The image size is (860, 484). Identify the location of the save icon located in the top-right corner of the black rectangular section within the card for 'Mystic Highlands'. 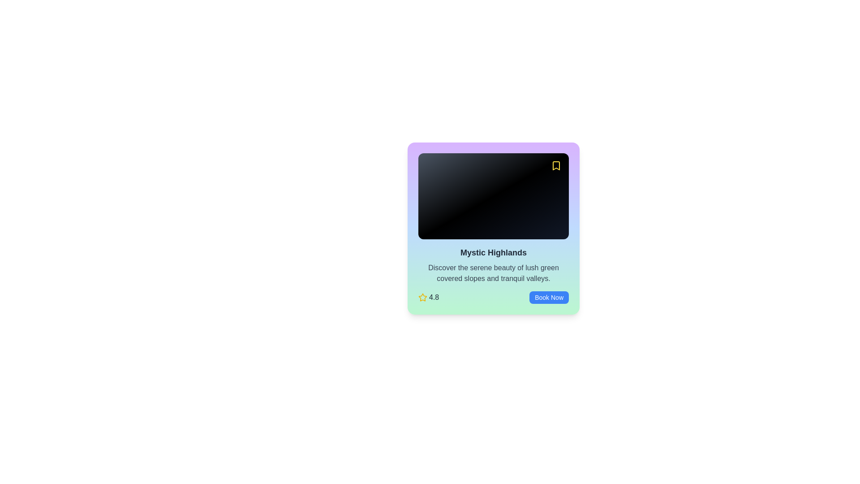
(556, 166).